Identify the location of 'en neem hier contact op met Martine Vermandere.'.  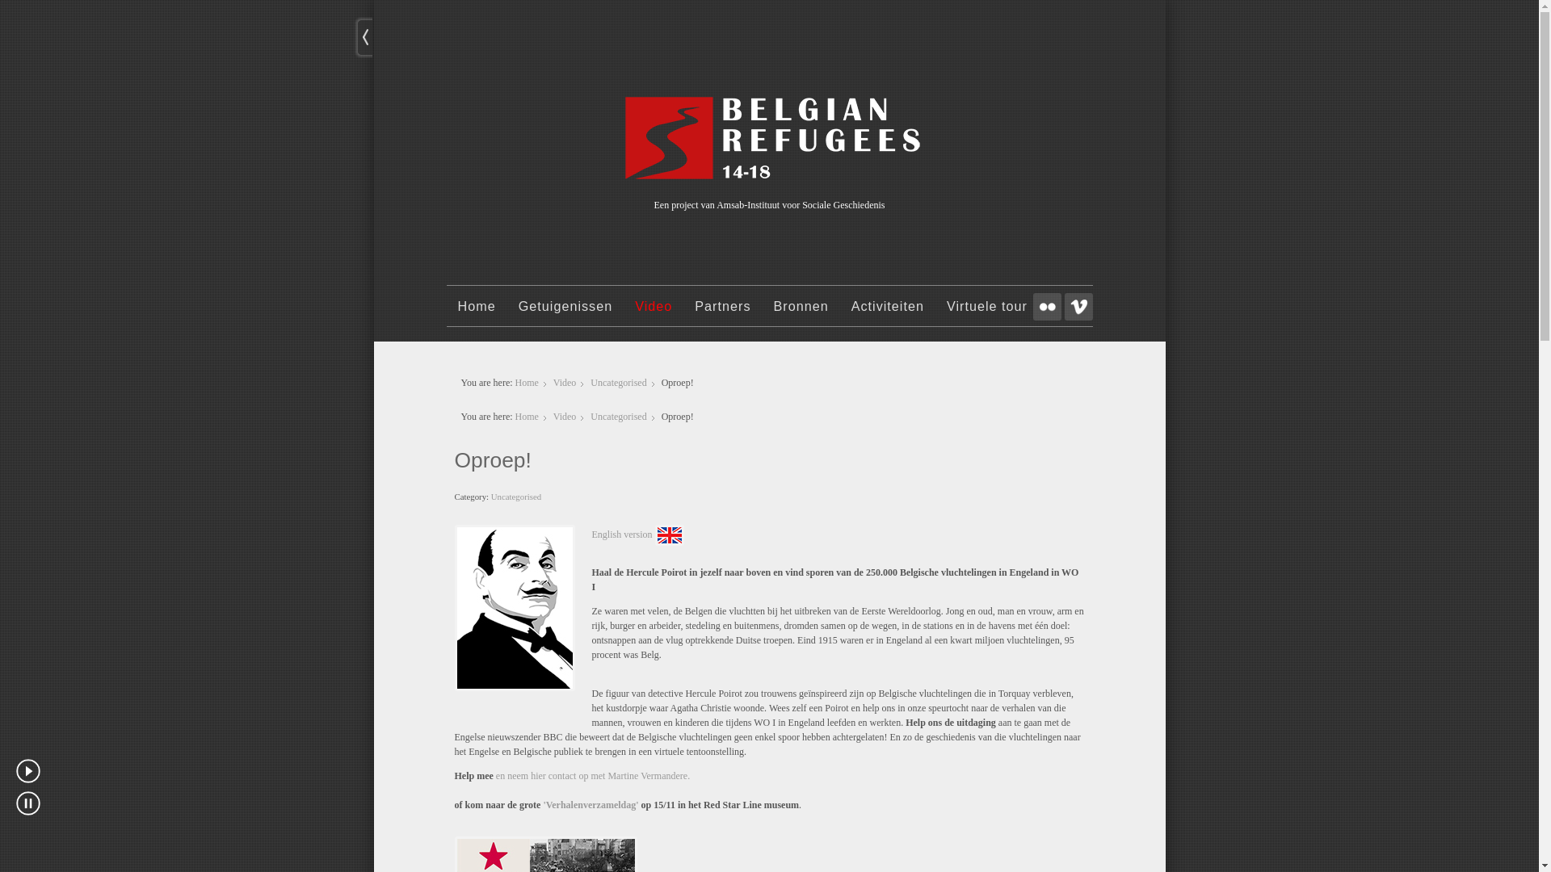
(495, 774).